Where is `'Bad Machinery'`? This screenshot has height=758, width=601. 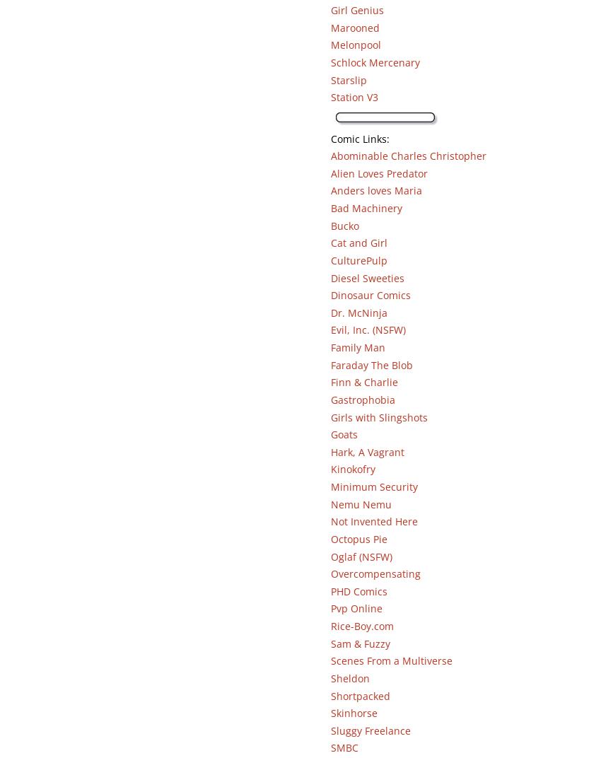
'Bad Machinery' is located at coordinates (365, 207).